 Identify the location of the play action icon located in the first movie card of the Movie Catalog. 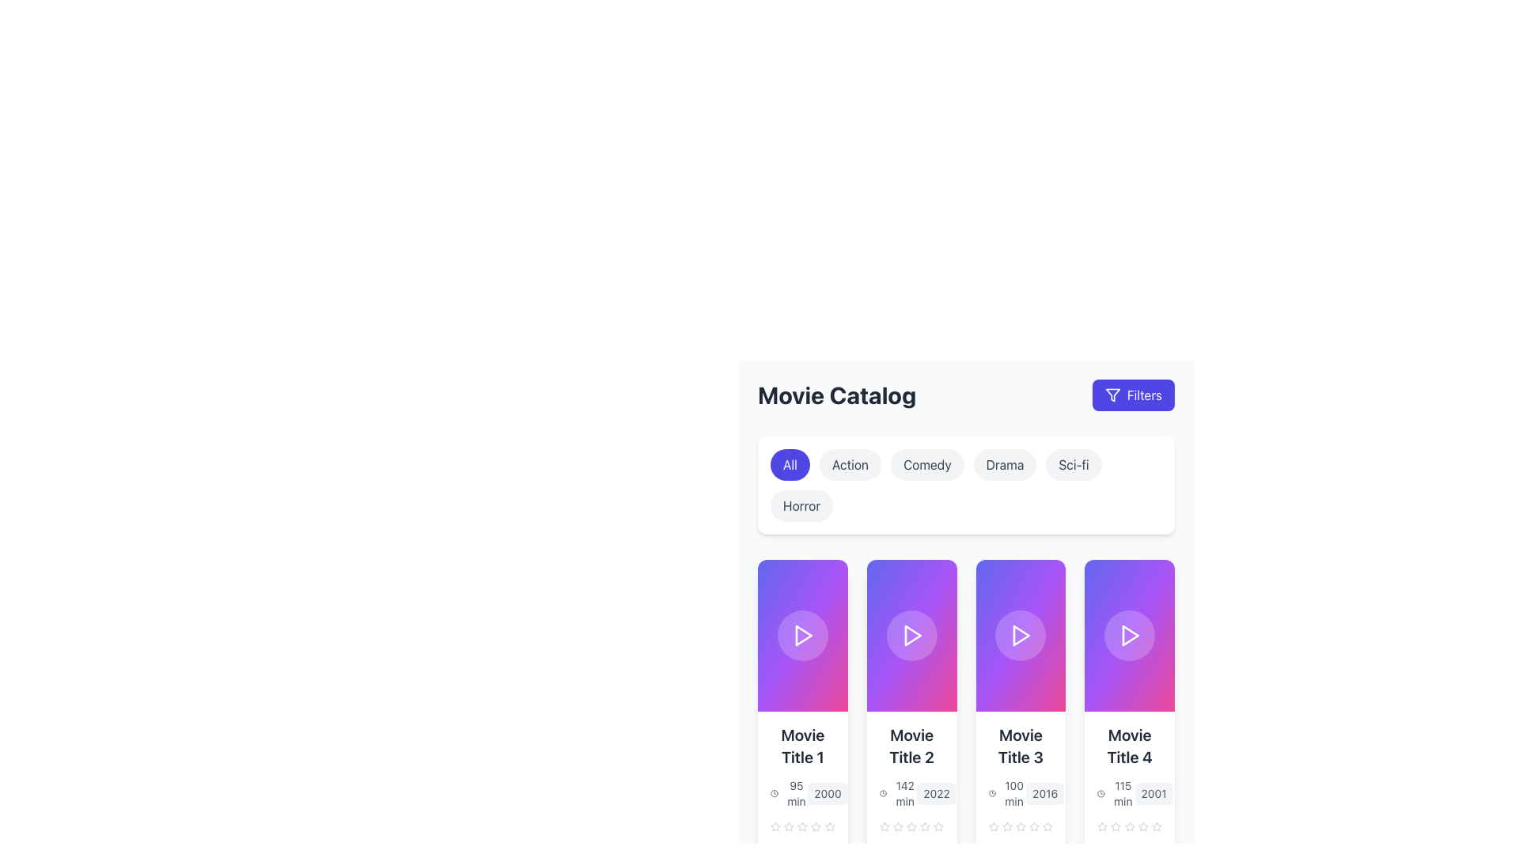
(804, 634).